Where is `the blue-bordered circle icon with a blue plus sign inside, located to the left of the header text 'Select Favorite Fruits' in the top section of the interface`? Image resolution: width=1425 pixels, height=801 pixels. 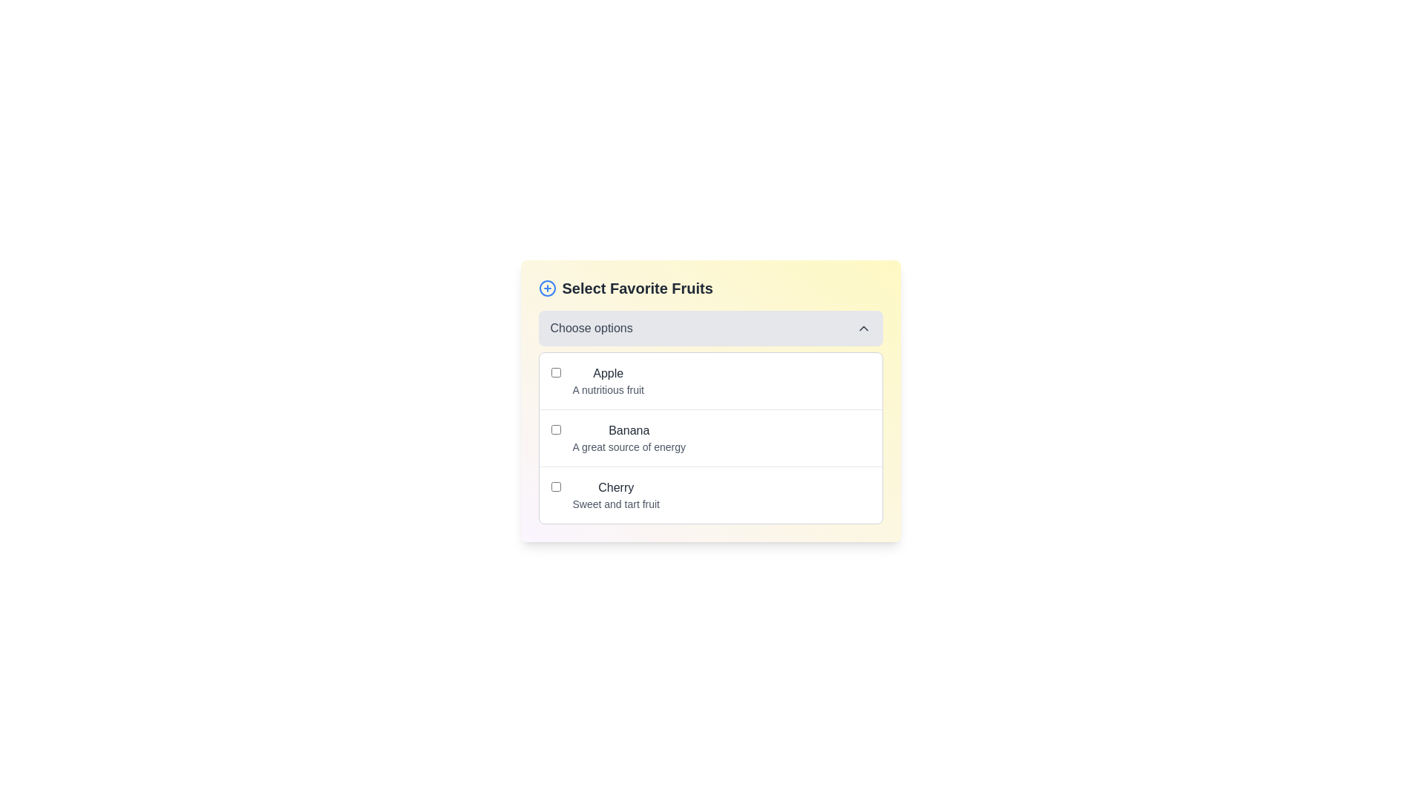 the blue-bordered circle icon with a blue plus sign inside, located to the left of the header text 'Select Favorite Fruits' in the top section of the interface is located at coordinates (546, 289).